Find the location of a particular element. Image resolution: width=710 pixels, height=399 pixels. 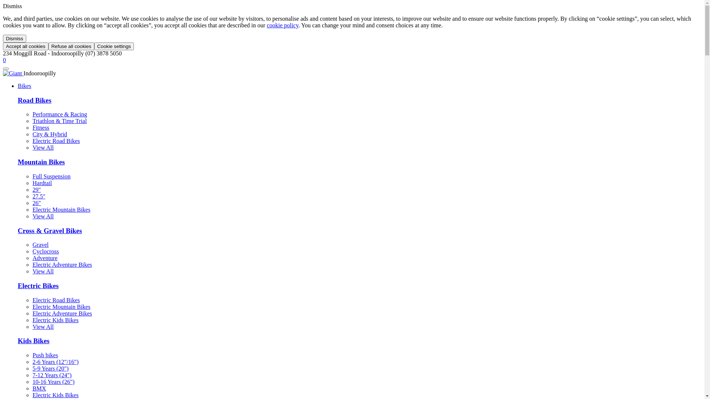

'View All' is located at coordinates (43, 326).